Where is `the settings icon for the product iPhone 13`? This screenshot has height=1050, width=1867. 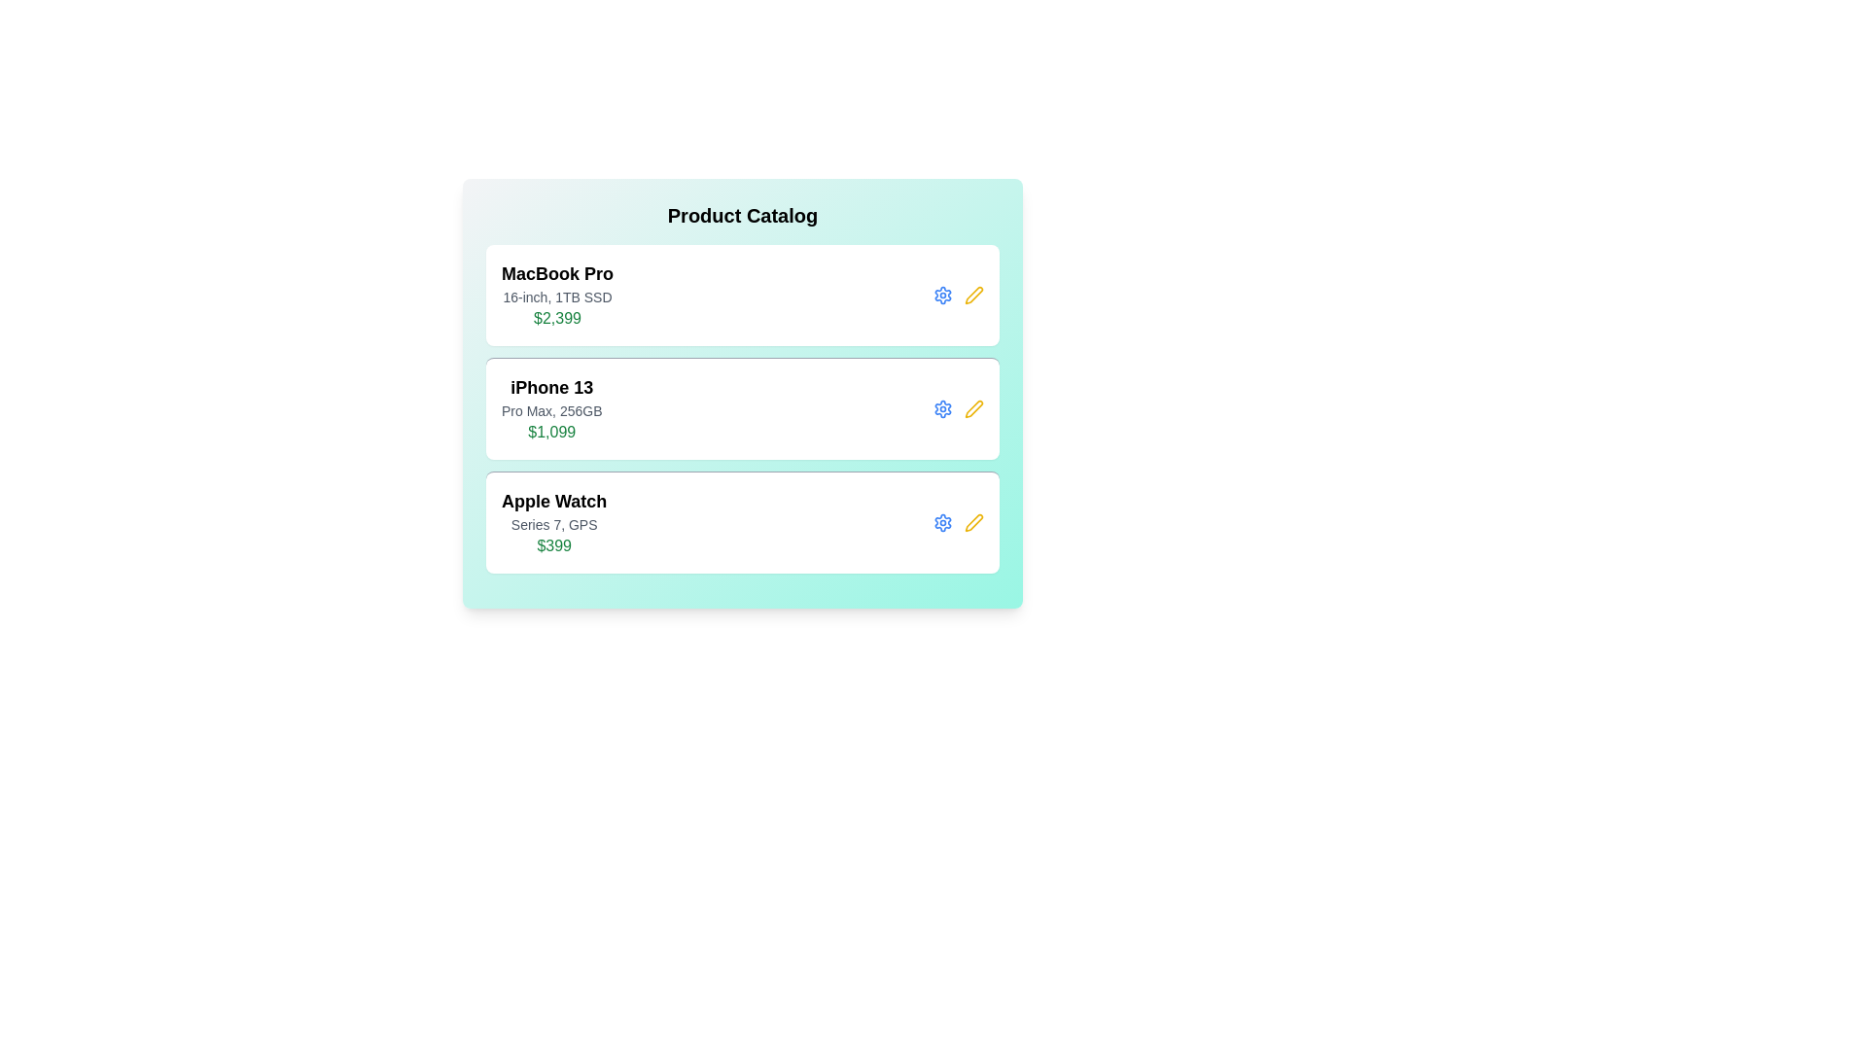 the settings icon for the product iPhone 13 is located at coordinates (942, 407).